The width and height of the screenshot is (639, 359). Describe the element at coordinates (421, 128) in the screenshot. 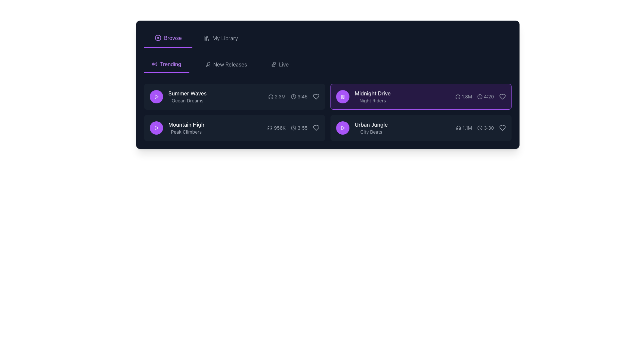

I see `the dark rectangular card titled 'Urban Jungle'` at that location.